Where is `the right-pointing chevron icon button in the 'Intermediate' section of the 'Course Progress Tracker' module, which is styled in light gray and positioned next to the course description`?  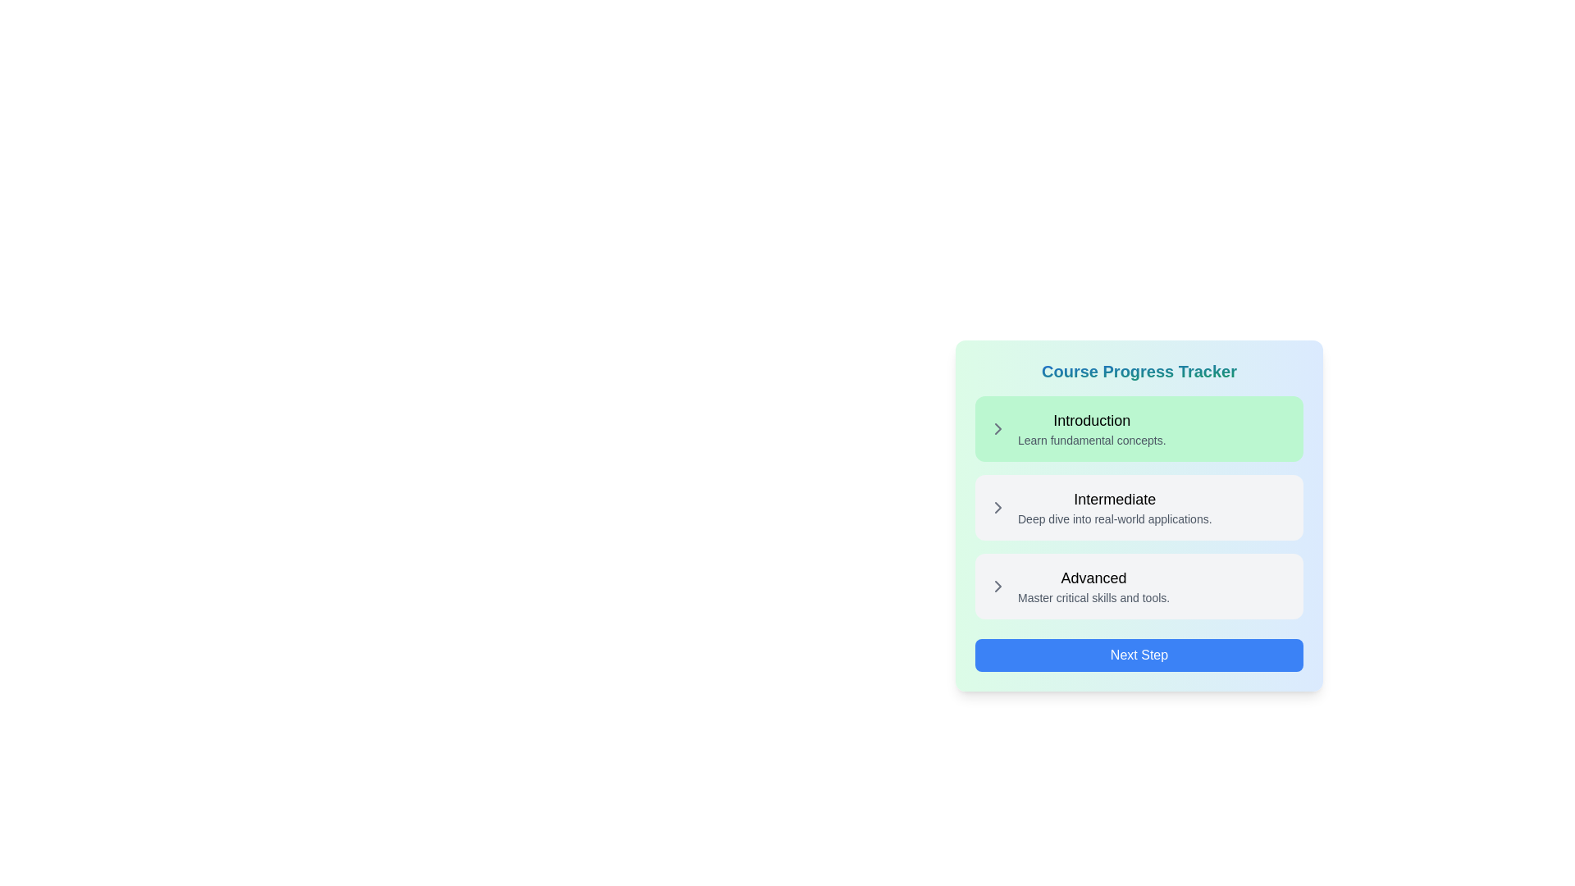 the right-pointing chevron icon button in the 'Intermediate' section of the 'Course Progress Tracker' module, which is styled in light gray and positioned next to the course description is located at coordinates (997, 506).